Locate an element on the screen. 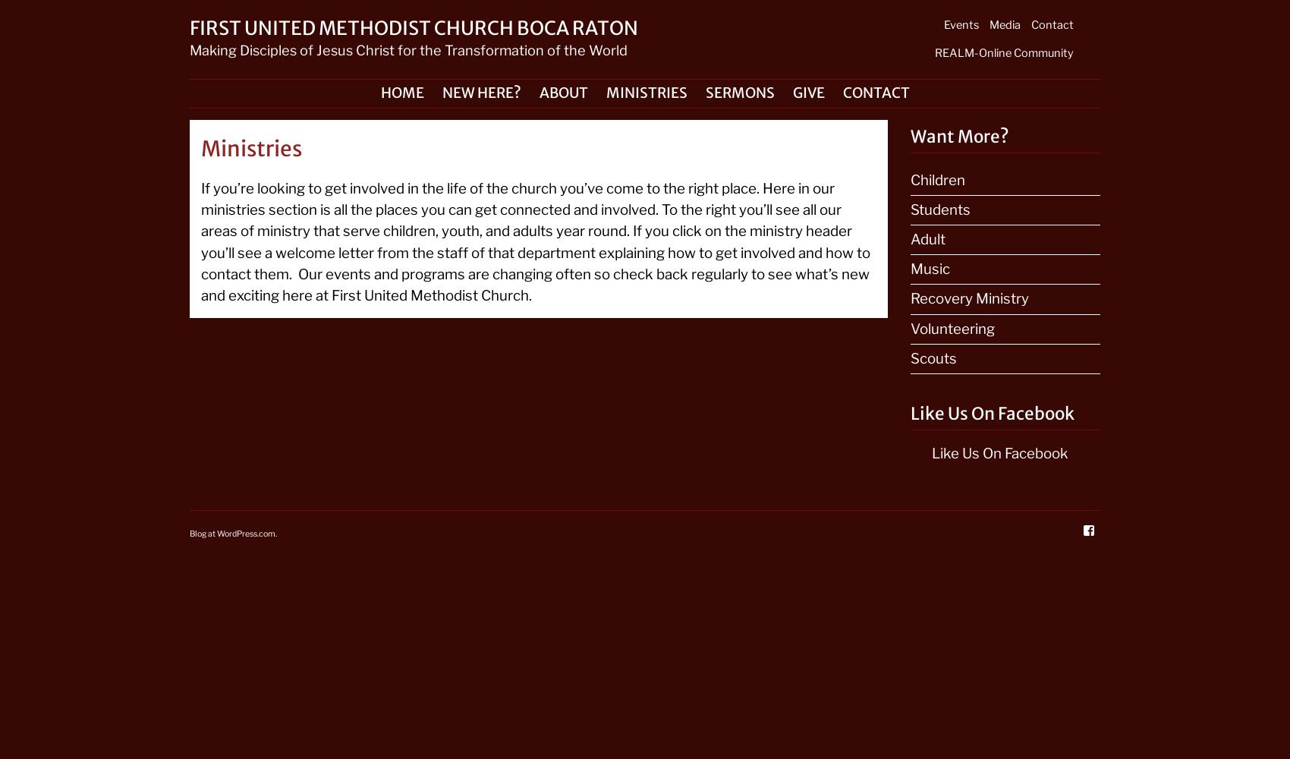 The width and height of the screenshot is (1290, 759). 'Students' is located at coordinates (939, 209).